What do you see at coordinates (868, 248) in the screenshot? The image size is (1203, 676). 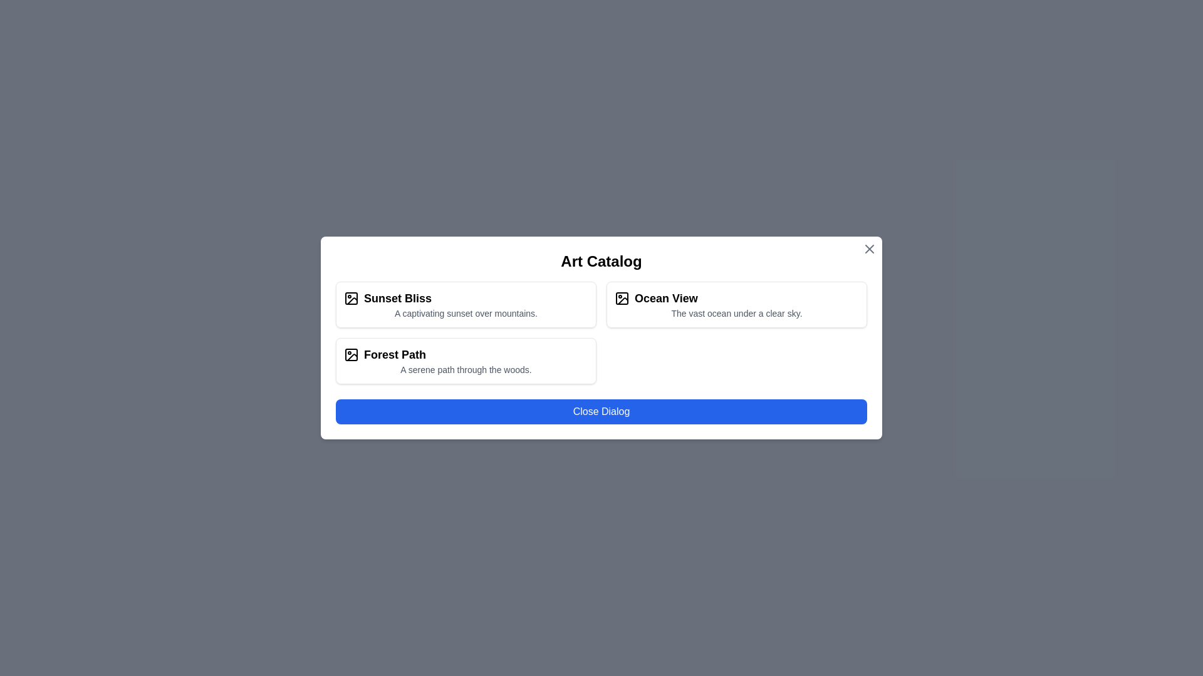 I see `the 'X' button at the top-right corner of the dialog to close it` at bounding box center [868, 248].